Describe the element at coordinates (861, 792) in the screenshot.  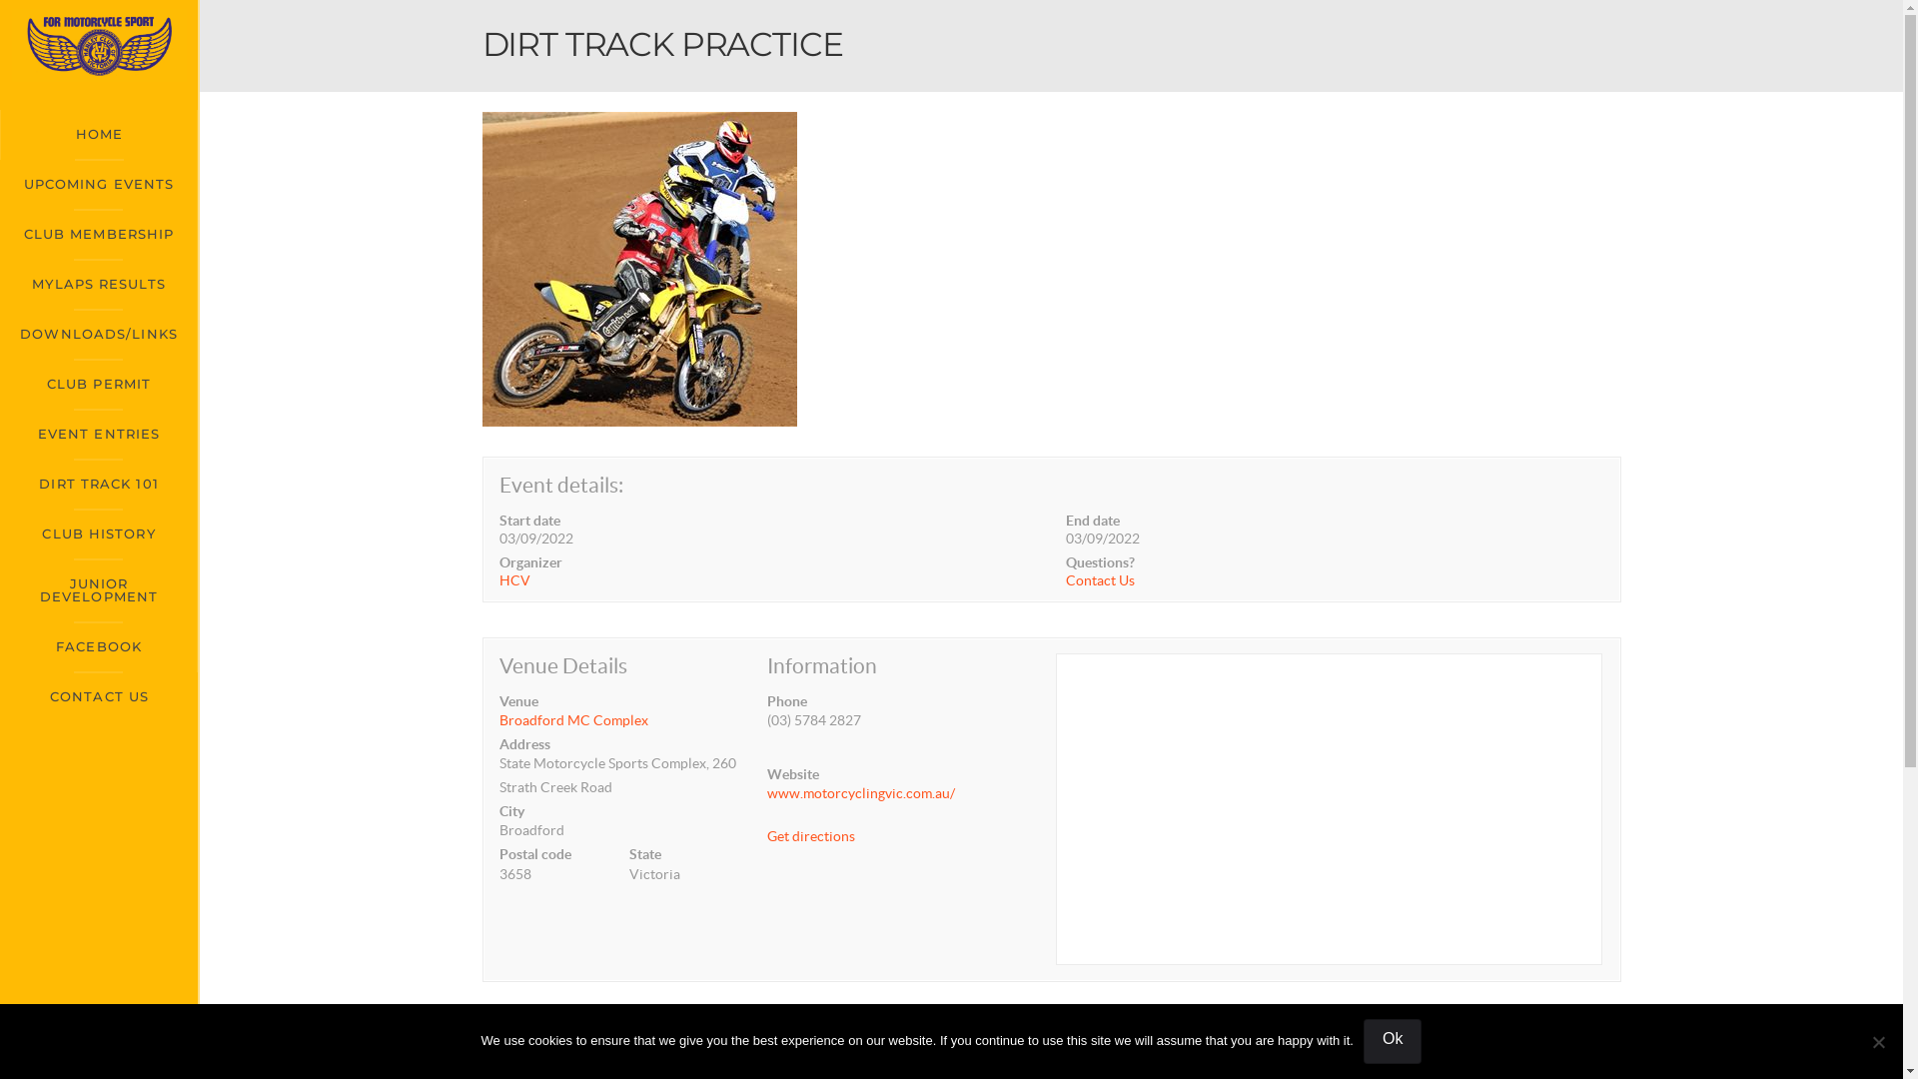
I see `'www.motorcyclingvic.com.au/'` at that location.